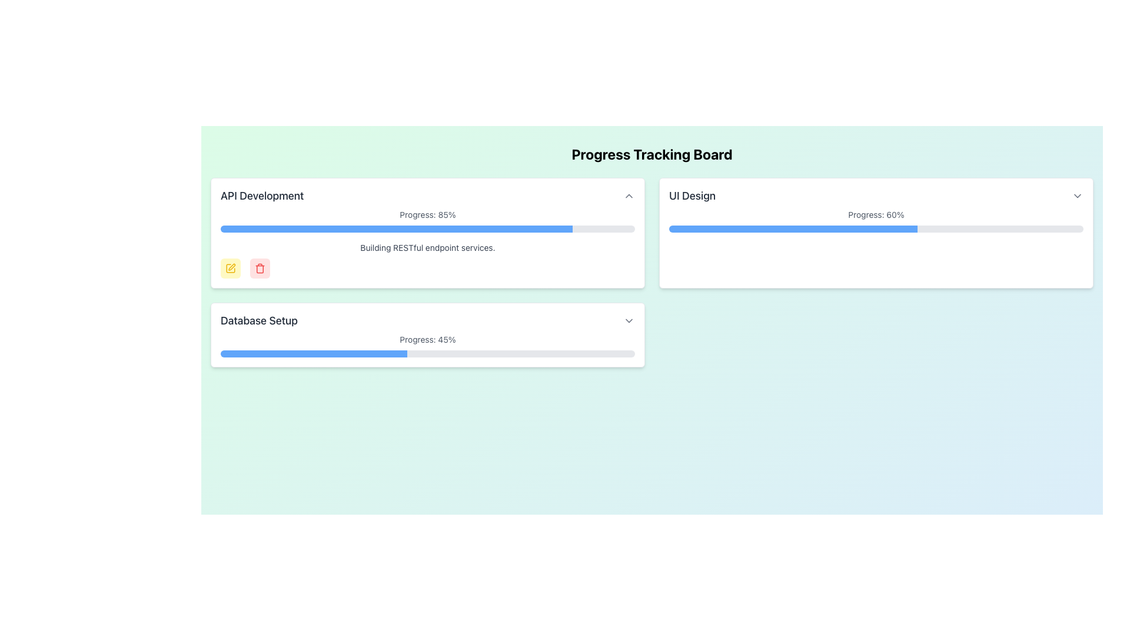  I want to click on the delete icon located within the 'API Development' card, so click(259, 268).